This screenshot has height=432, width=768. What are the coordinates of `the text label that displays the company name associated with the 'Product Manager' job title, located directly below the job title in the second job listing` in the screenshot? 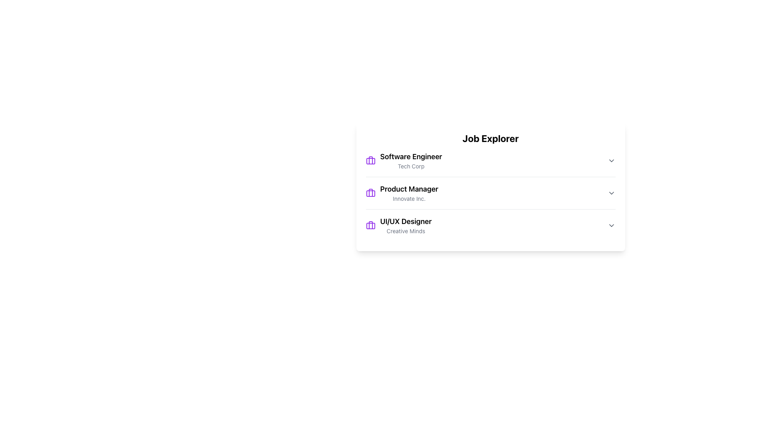 It's located at (409, 198).